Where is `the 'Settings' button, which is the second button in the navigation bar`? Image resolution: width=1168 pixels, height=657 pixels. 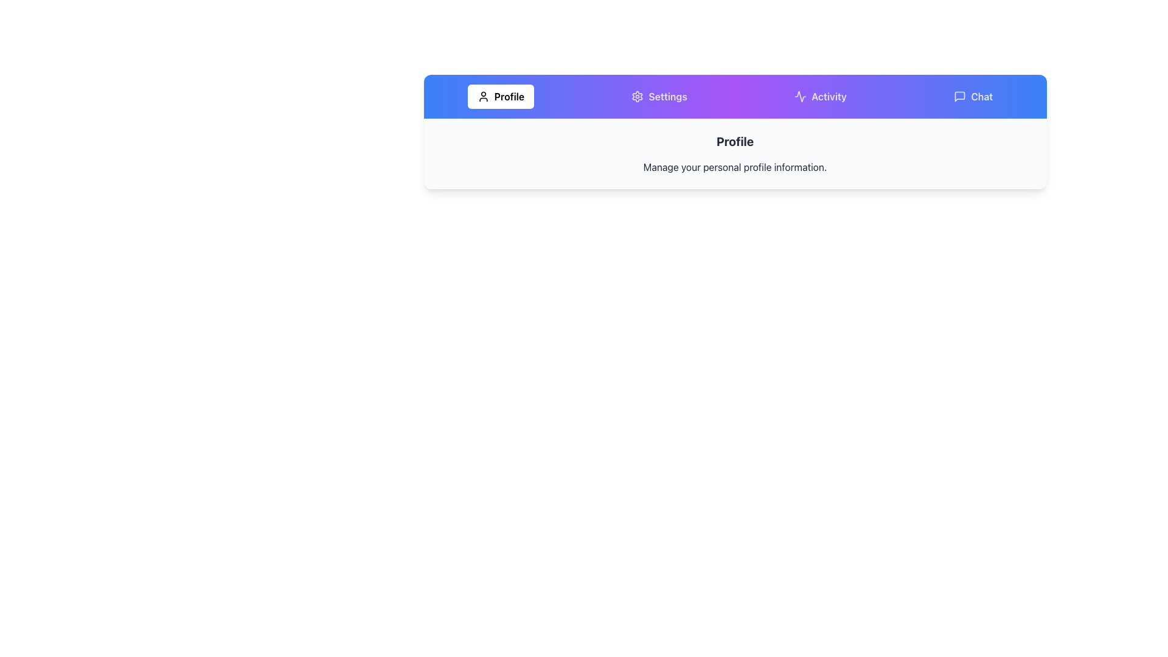 the 'Settings' button, which is the second button in the navigation bar is located at coordinates (659, 96).